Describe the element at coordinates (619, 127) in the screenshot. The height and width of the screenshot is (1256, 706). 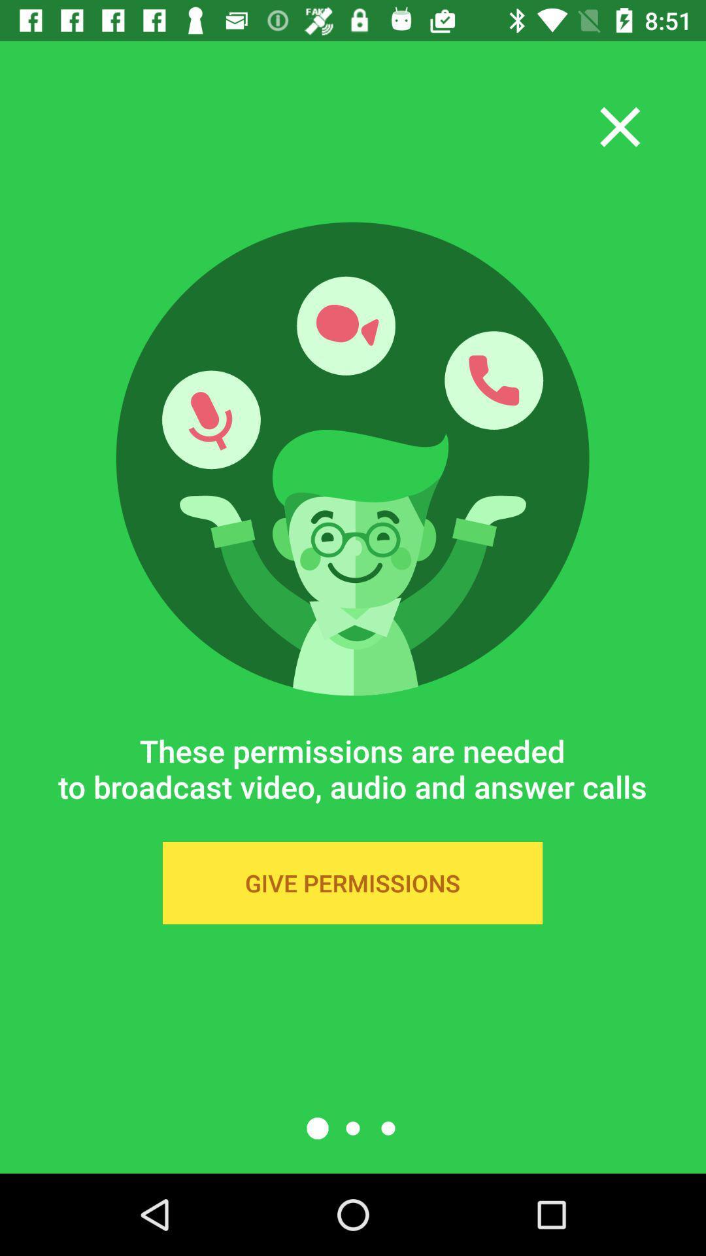
I see `close` at that location.